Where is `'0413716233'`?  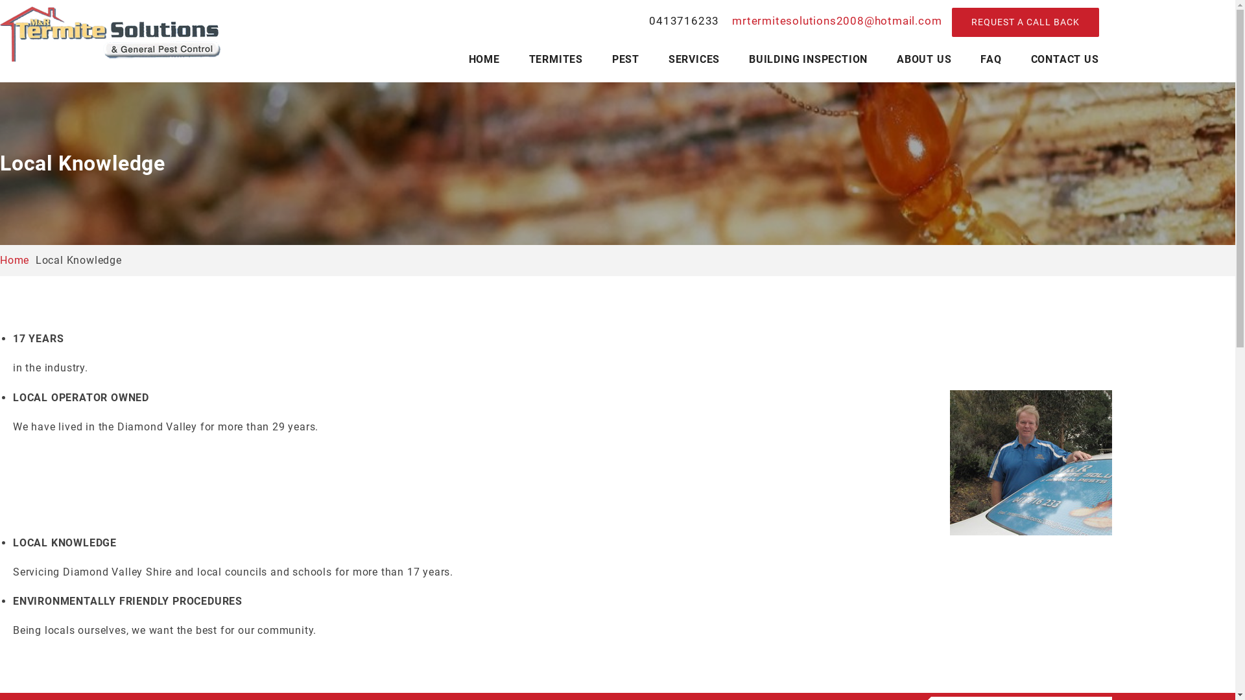
'0413716233' is located at coordinates (683, 21).